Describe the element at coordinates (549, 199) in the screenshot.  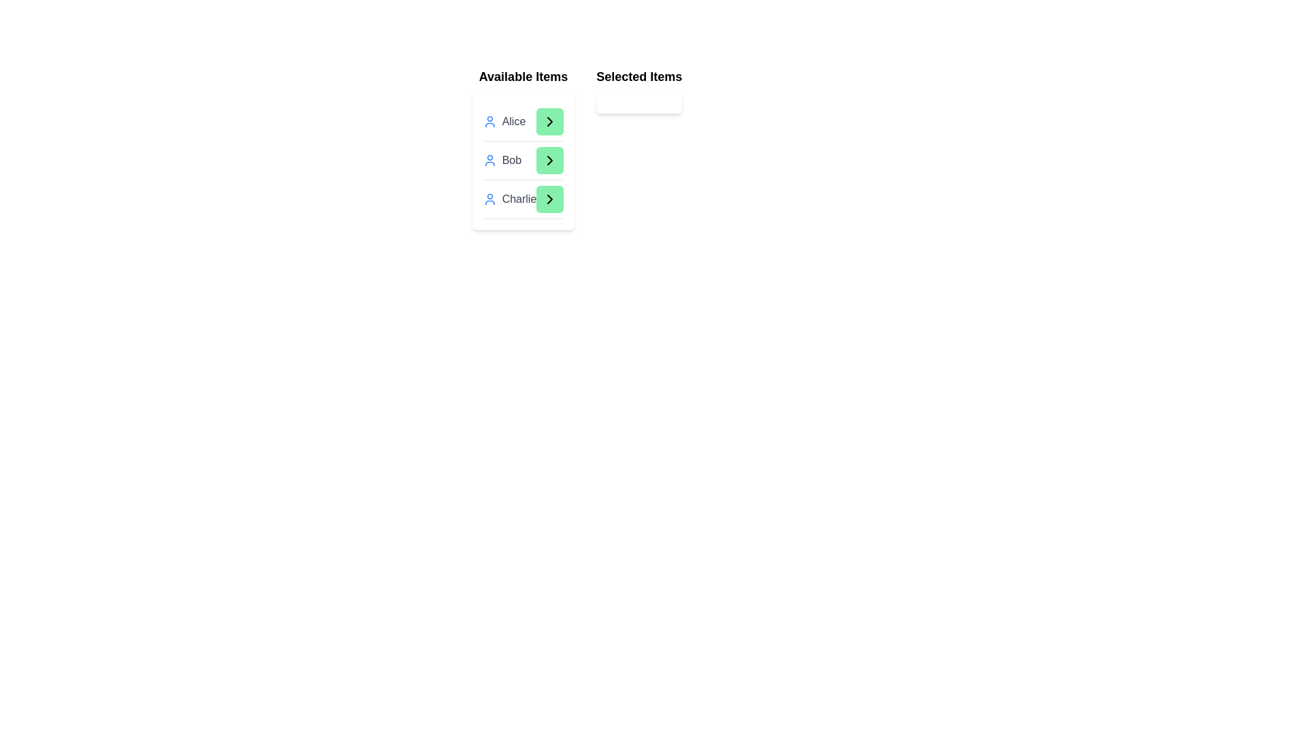
I see `the transfer icon next to Charlie to move it to the other list` at that location.